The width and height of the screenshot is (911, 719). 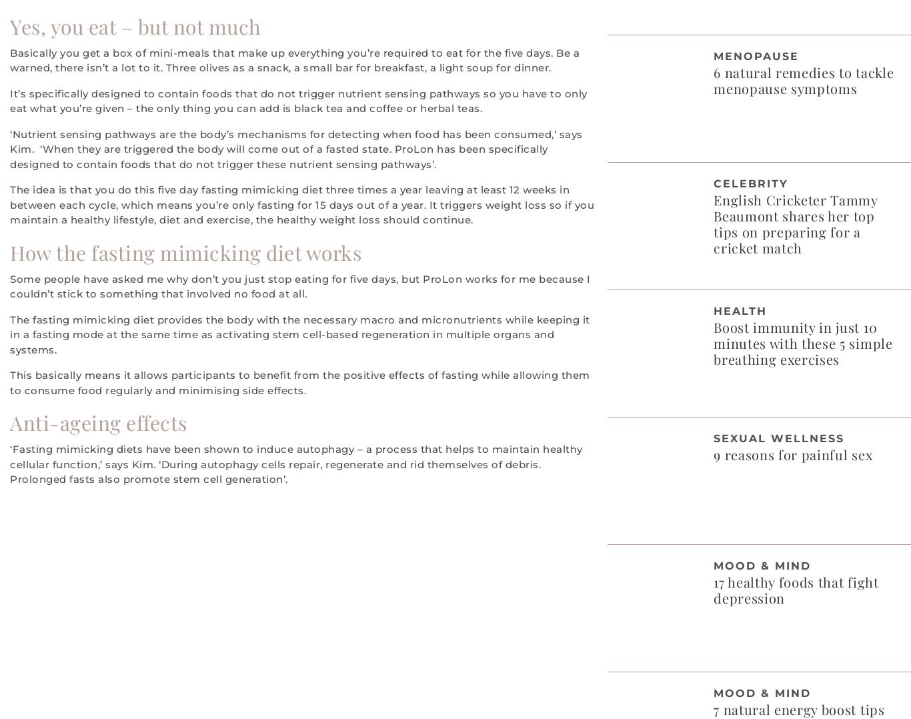 What do you see at coordinates (796, 588) in the screenshot?
I see `'17 healthy foods that fight depression'` at bounding box center [796, 588].